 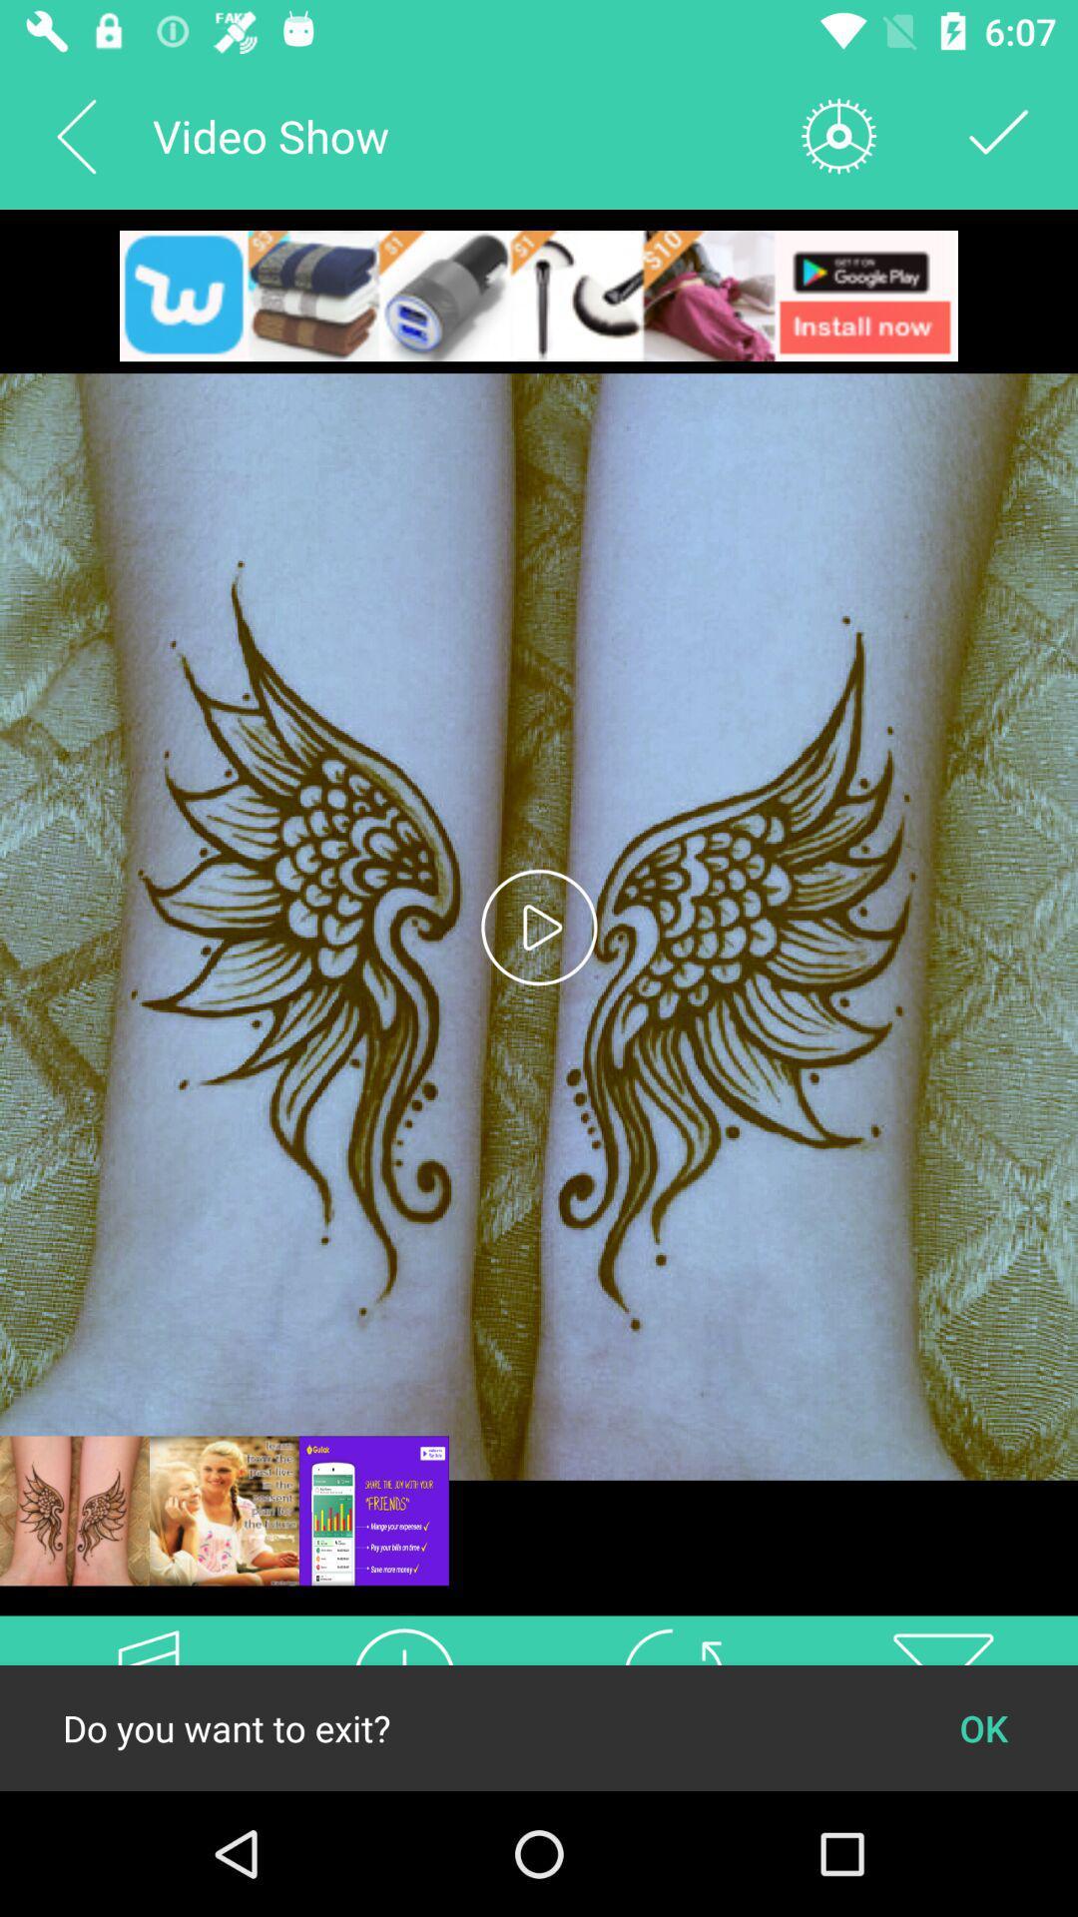 What do you see at coordinates (75, 135) in the screenshot?
I see `the arrow_backward icon` at bounding box center [75, 135].